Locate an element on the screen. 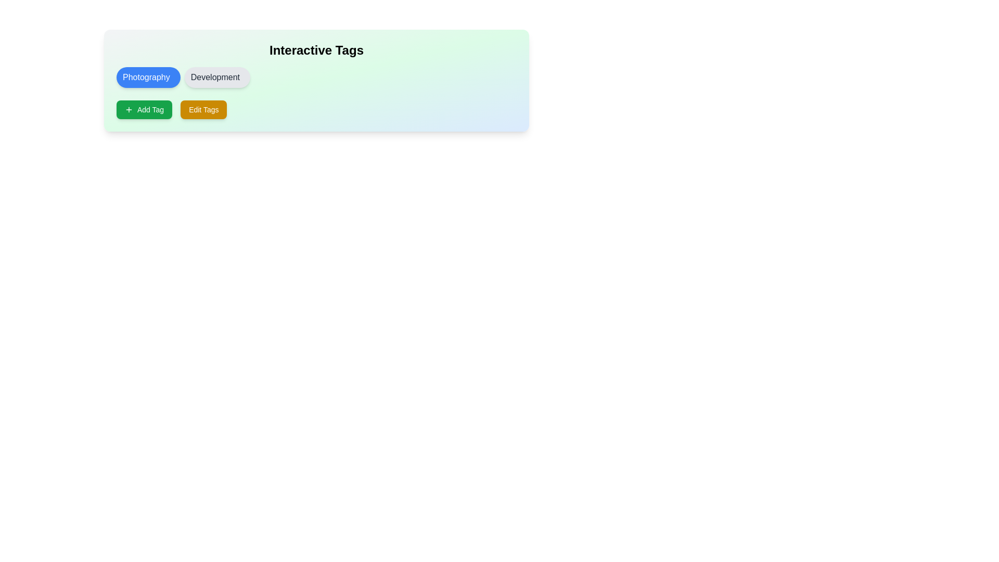 This screenshot has width=999, height=562. the rounded blue button with white text reading 'Photography' located in the 'Interactive Tags' section is located at coordinates (148, 77).